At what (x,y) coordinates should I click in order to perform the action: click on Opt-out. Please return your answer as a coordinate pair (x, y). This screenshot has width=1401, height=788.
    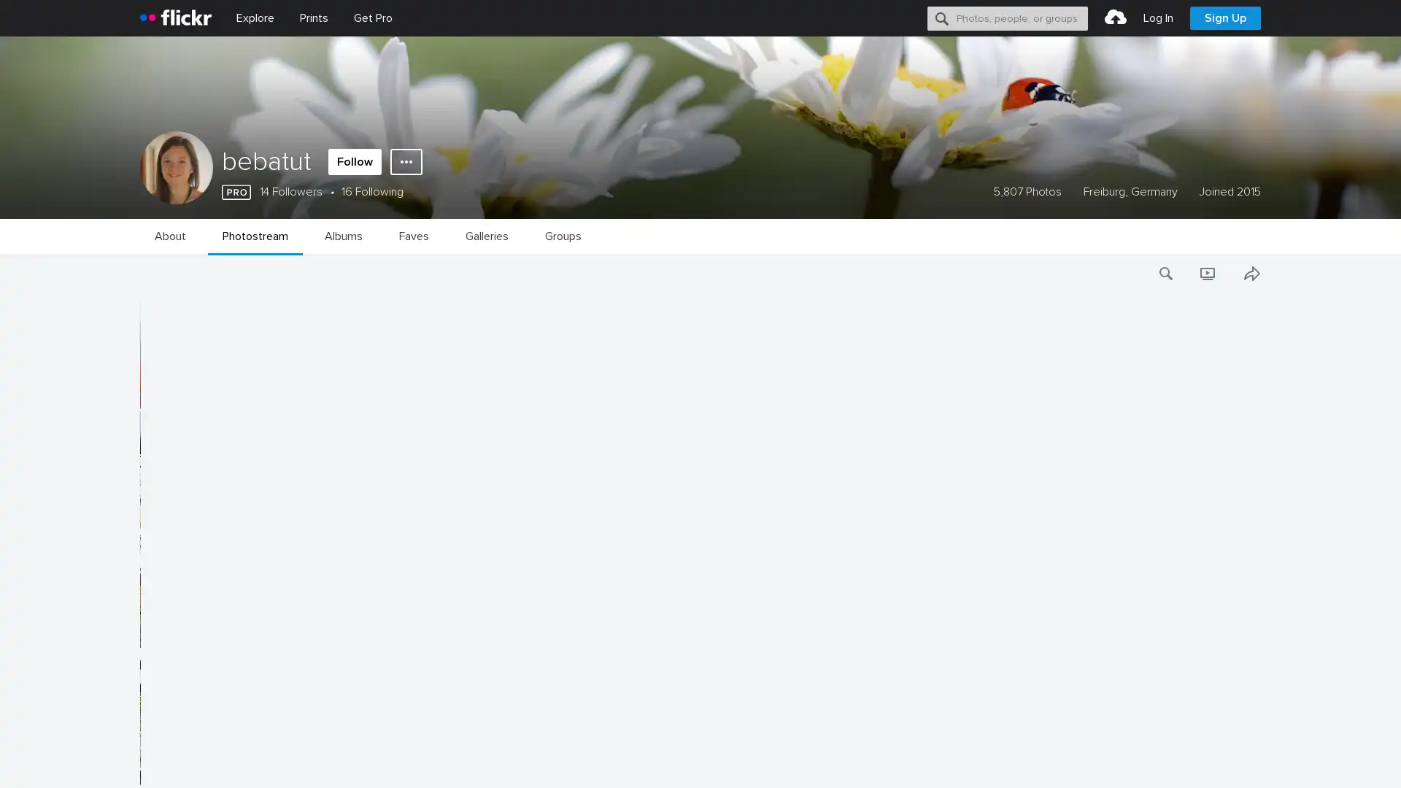
    Looking at the image, I should click on (1179, 760).